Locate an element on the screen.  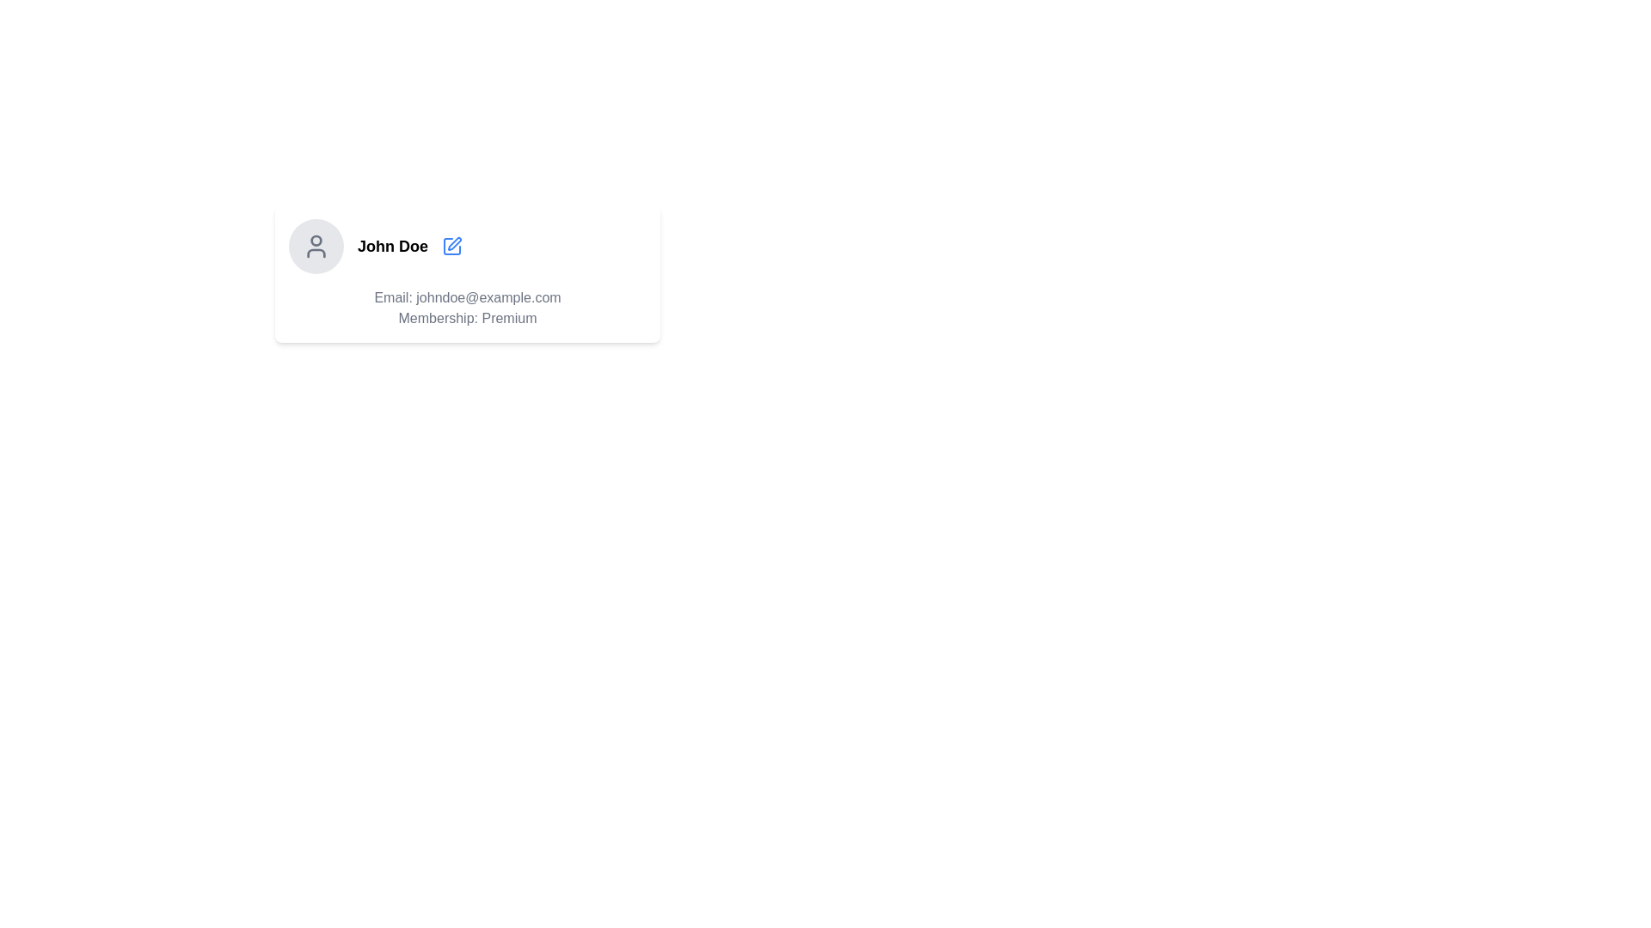
the edit icon located to the immediate right of the user's name 'John Doe' is located at coordinates (452, 246).